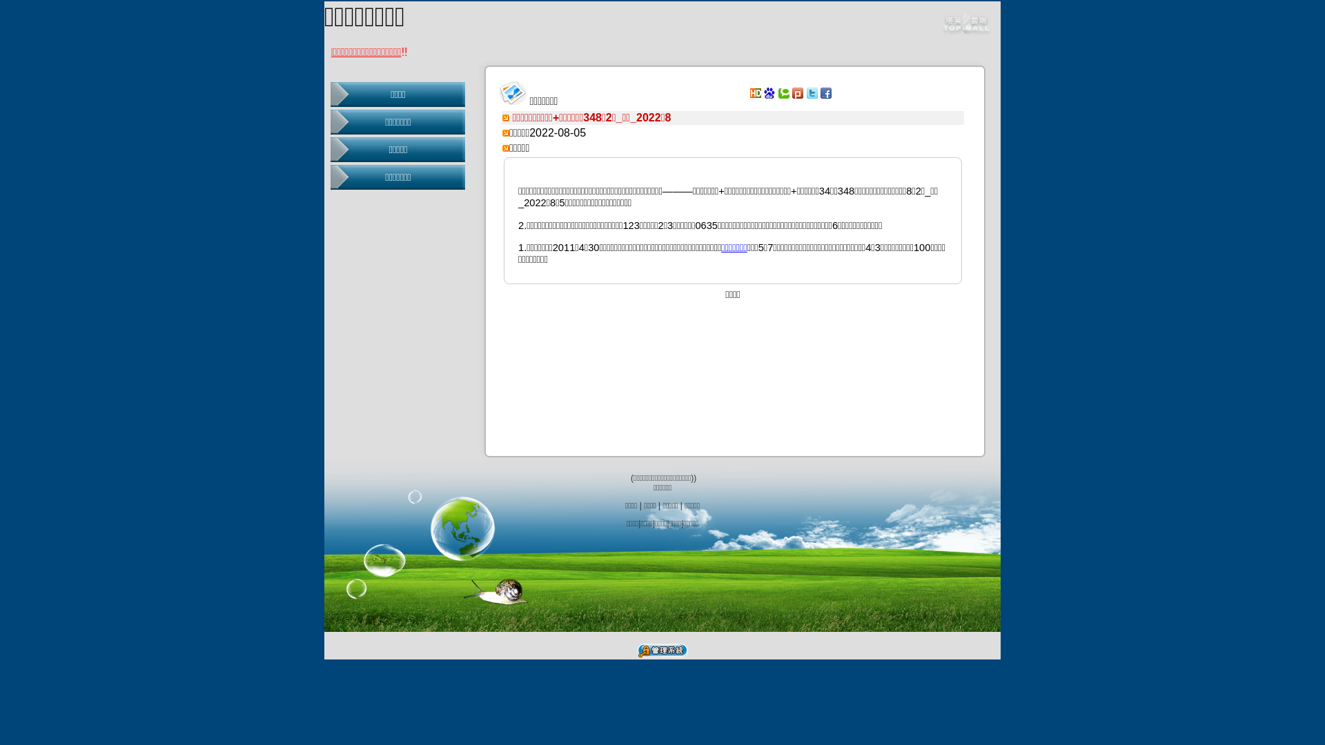 This screenshot has height=745, width=1325. Describe the element at coordinates (778, 92) in the screenshot. I see `'technorati'` at that location.